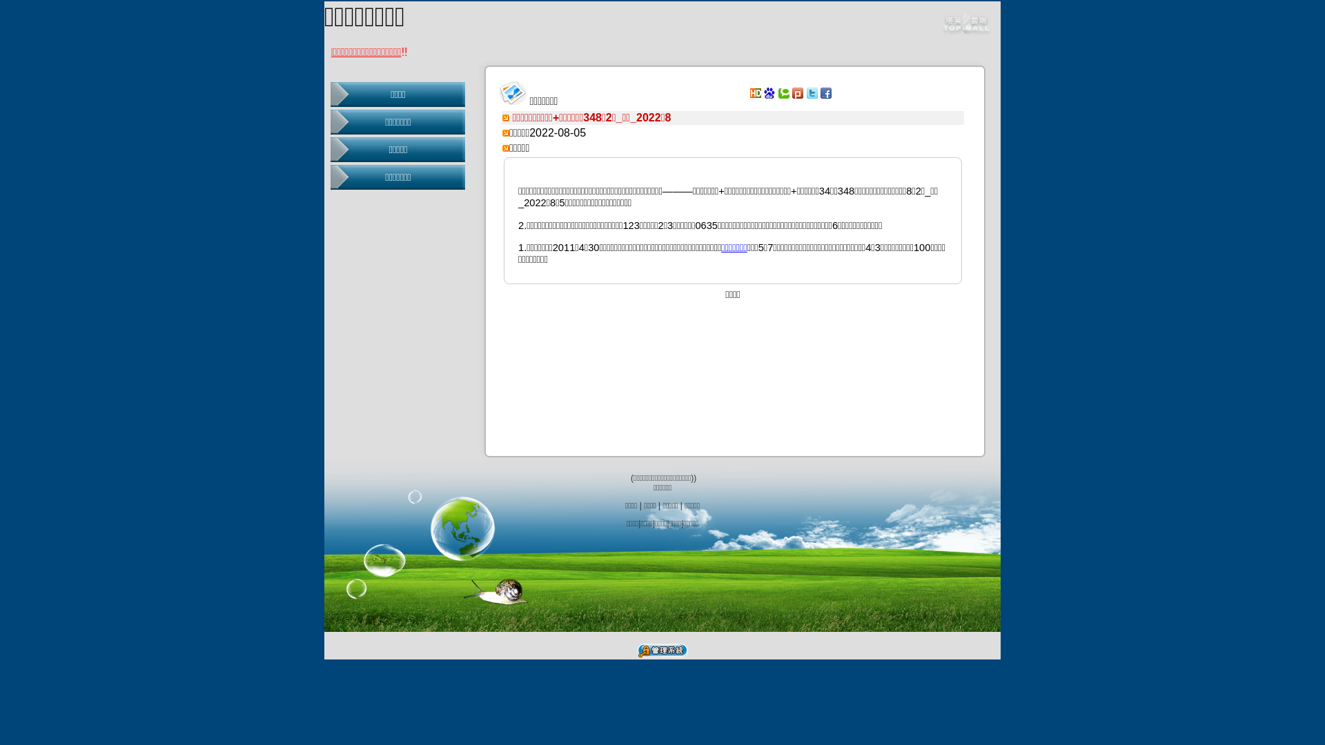 This screenshot has height=745, width=1325. Describe the element at coordinates (778, 92) in the screenshot. I see `'technorati'` at that location.